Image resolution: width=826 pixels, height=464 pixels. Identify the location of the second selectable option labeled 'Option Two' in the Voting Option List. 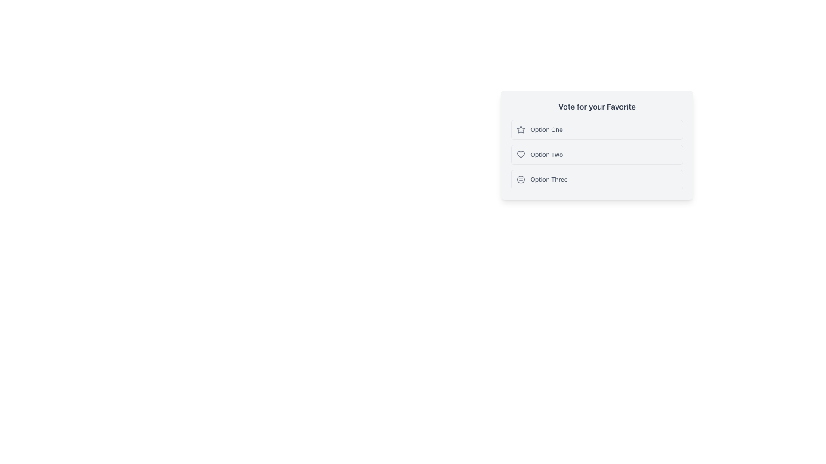
(596, 145).